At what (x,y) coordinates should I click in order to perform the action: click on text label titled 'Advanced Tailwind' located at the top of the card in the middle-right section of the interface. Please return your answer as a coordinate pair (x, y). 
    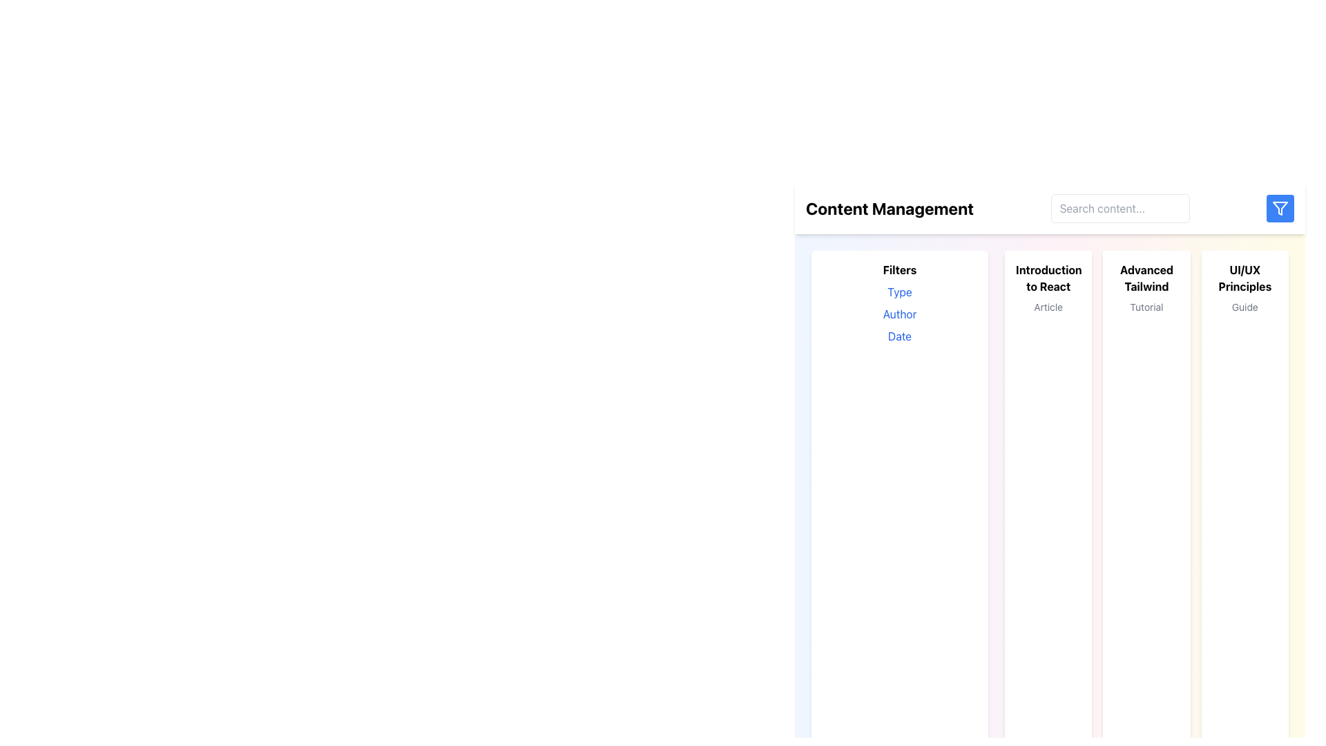
    Looking at the image, I should click on (1146, 278).